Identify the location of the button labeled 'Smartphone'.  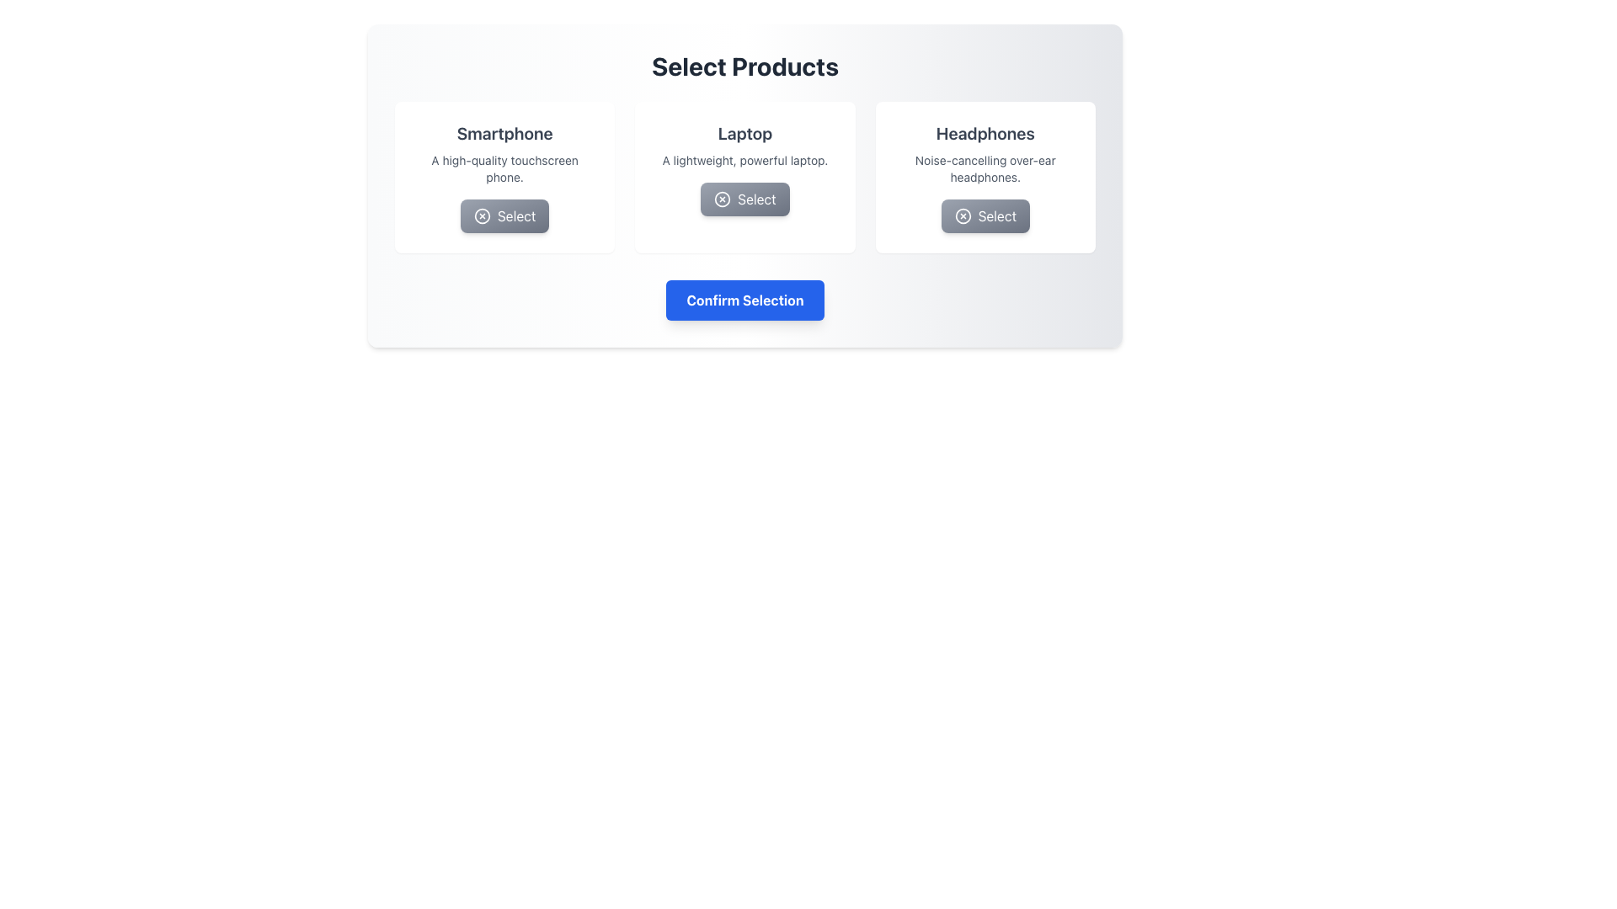
(504, 215).